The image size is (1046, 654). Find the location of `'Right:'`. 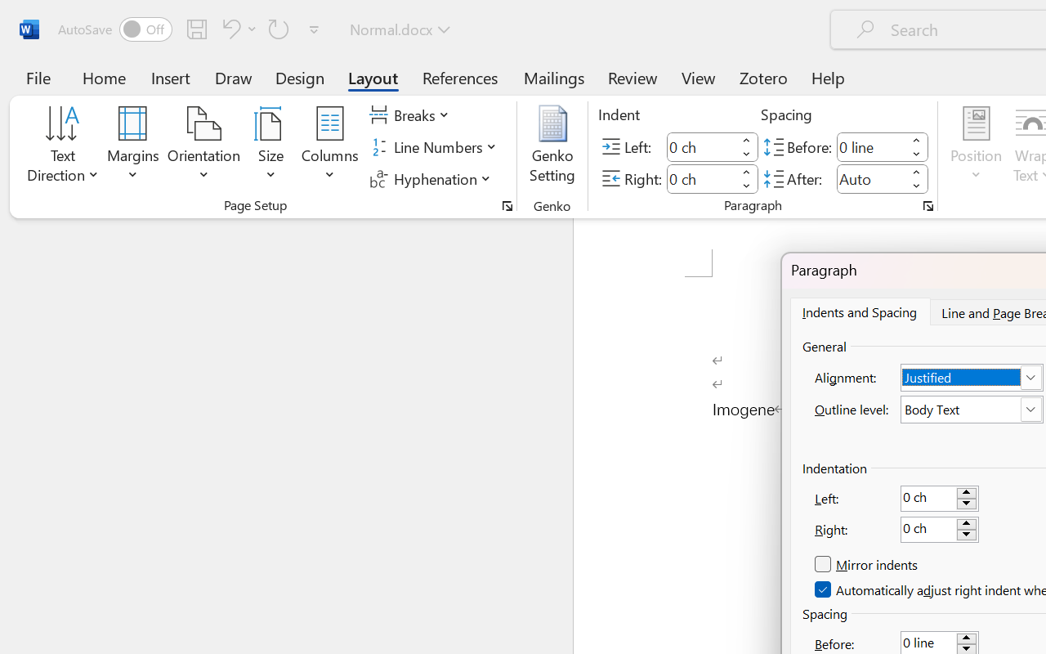

'Right:' is located at coordinates (940, 529).